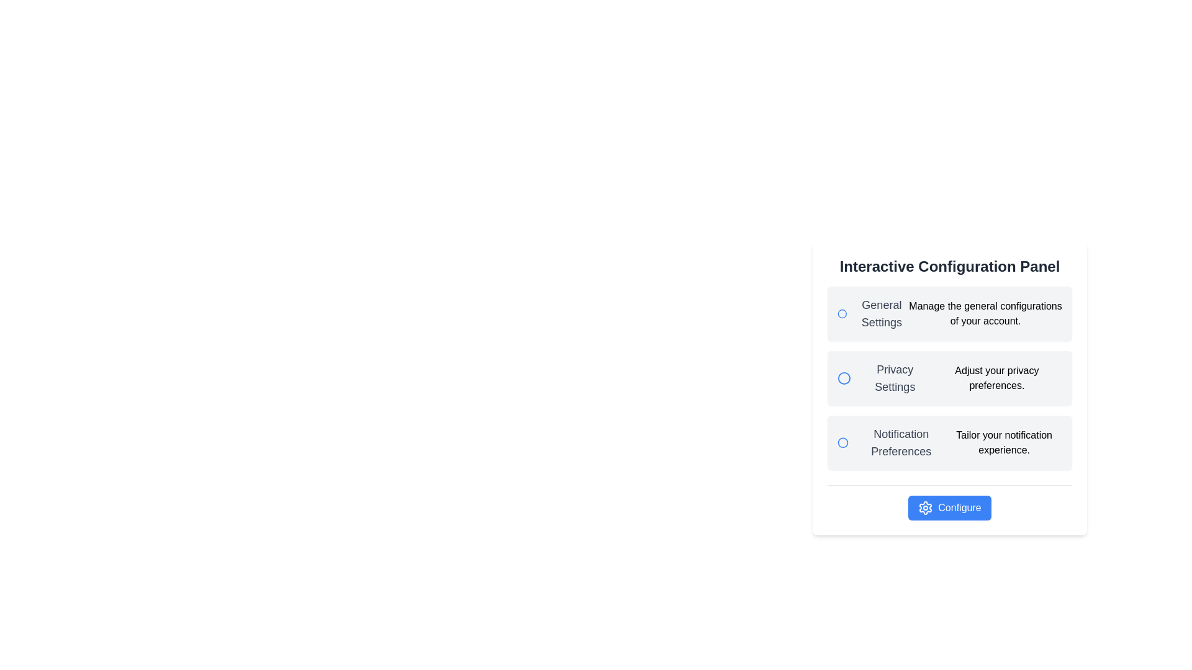 The height and width of the screenshot is (670, 1192). Describe the element at coordinates (842, 313) in the screenshot. I see `the icon that serves as a graphical indicator for the 'General Settings' label, positioned at the top-left beside the text` at that location.